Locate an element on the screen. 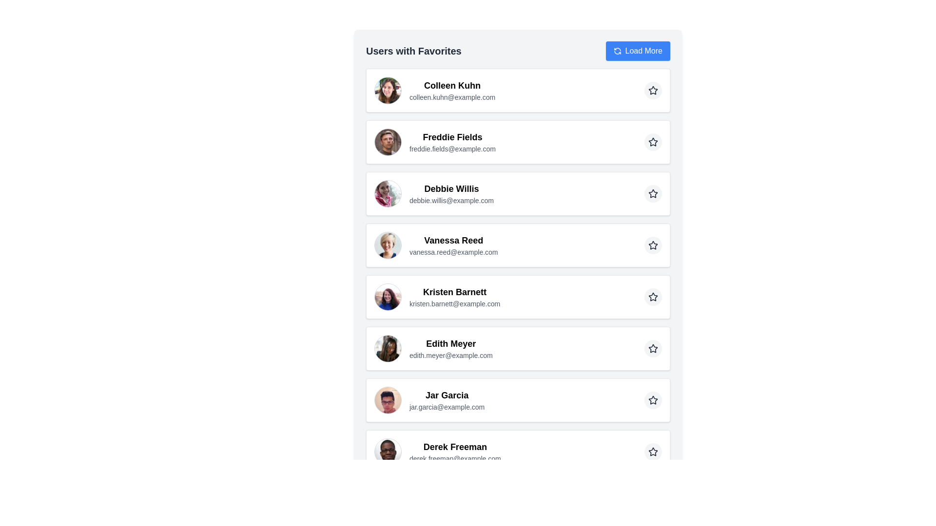  the User information card containing the name 'Derek Freeman' and email 'derek.freeman@example.com', which is the last item in the vertical list of user elements is located at coordinates (437, 452).